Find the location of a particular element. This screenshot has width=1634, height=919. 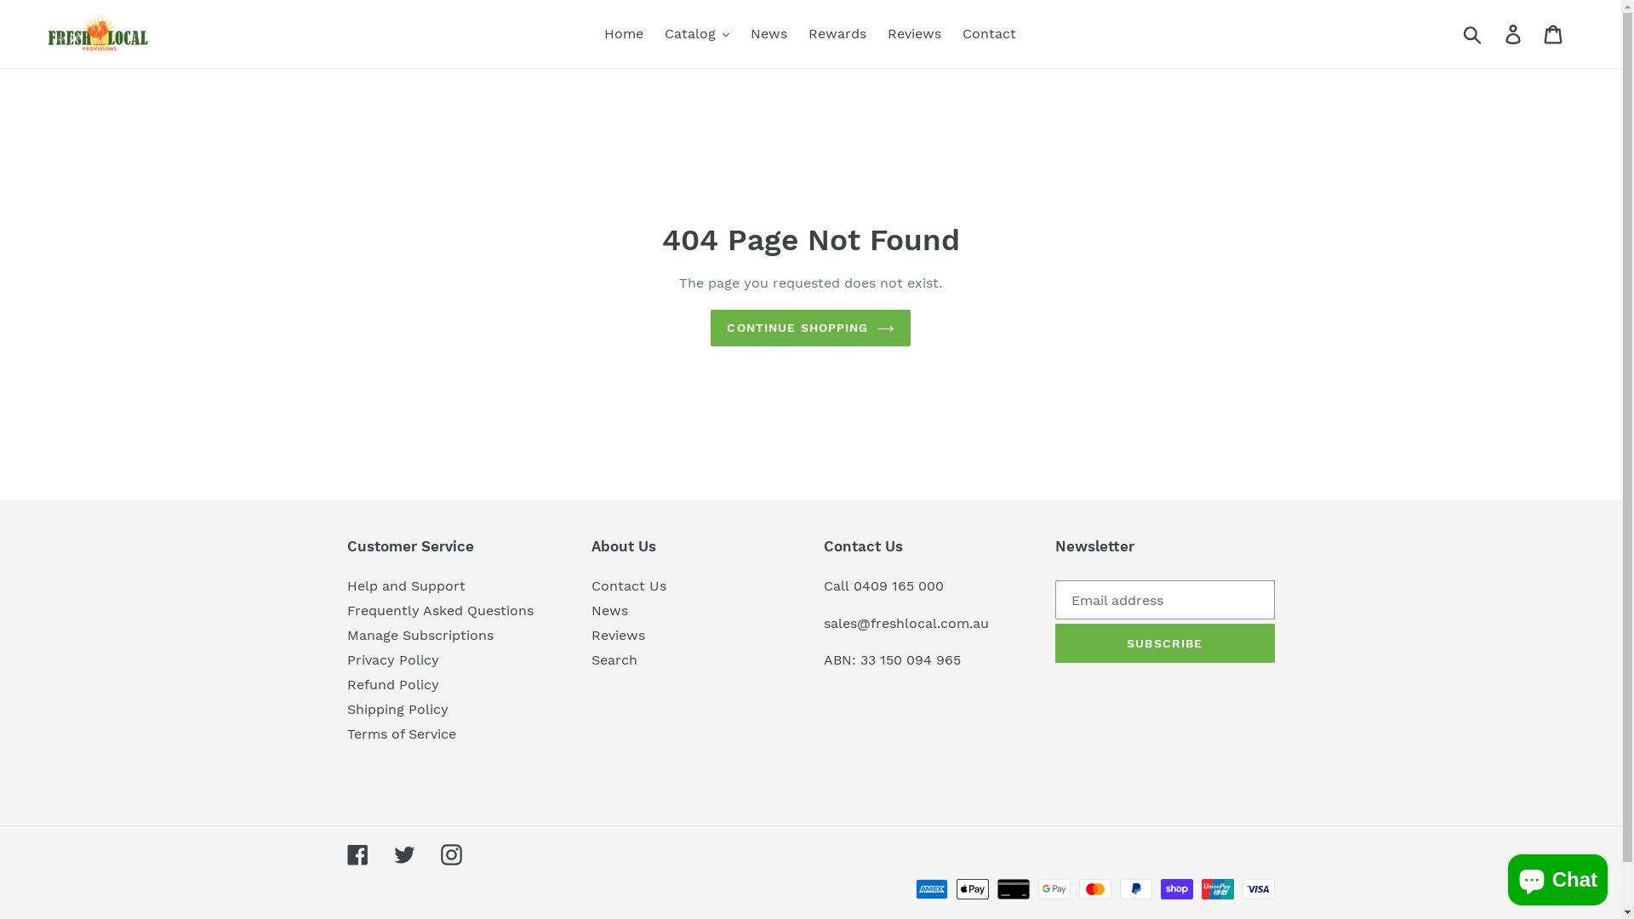

'Rewards' is located at coordinates (837, 33).